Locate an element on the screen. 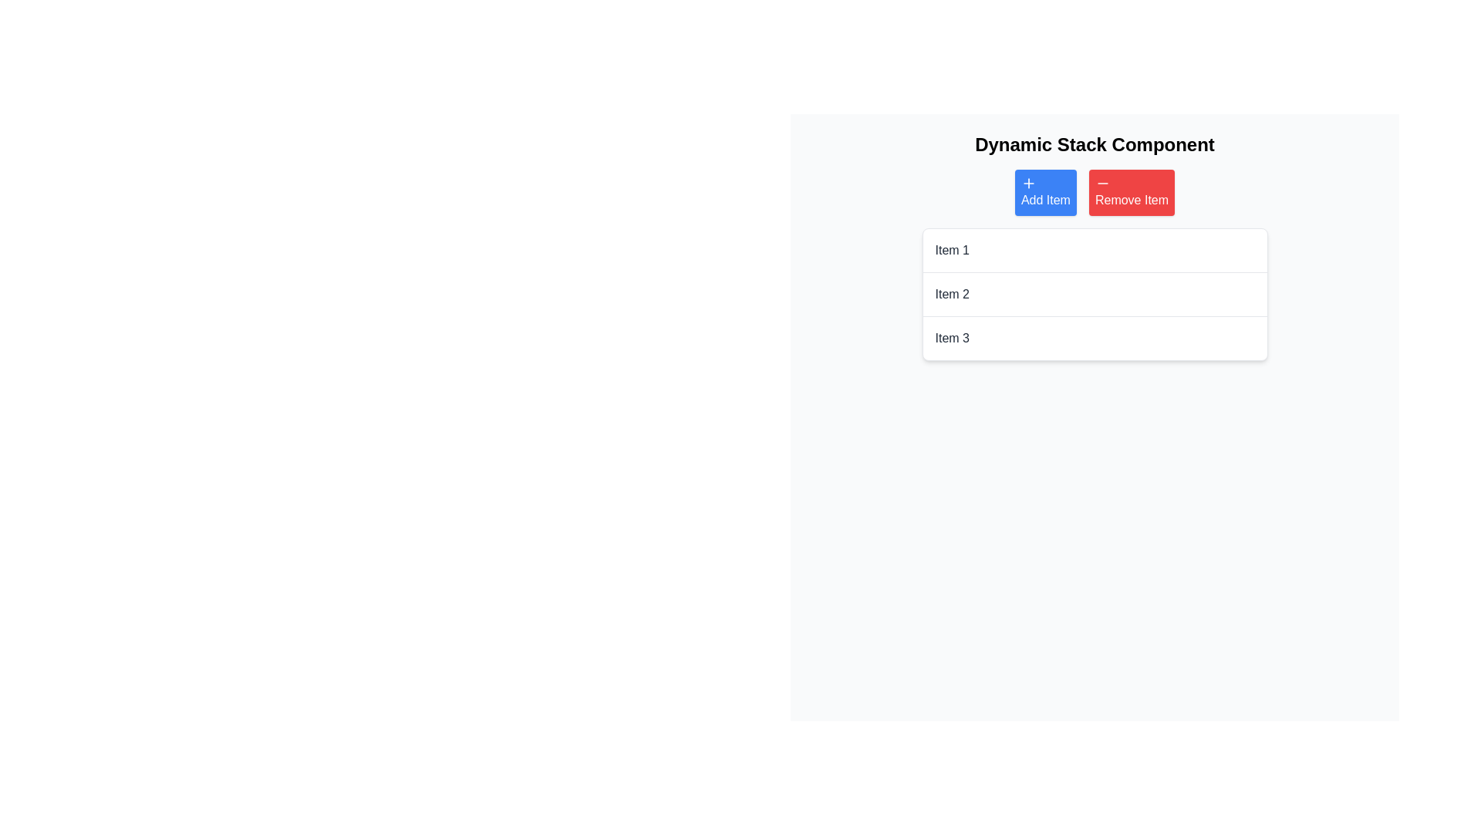  the label indicating the second item in the vertically stacked list under 'Dynamic Stack Component' is located at coordinates (951, 294).